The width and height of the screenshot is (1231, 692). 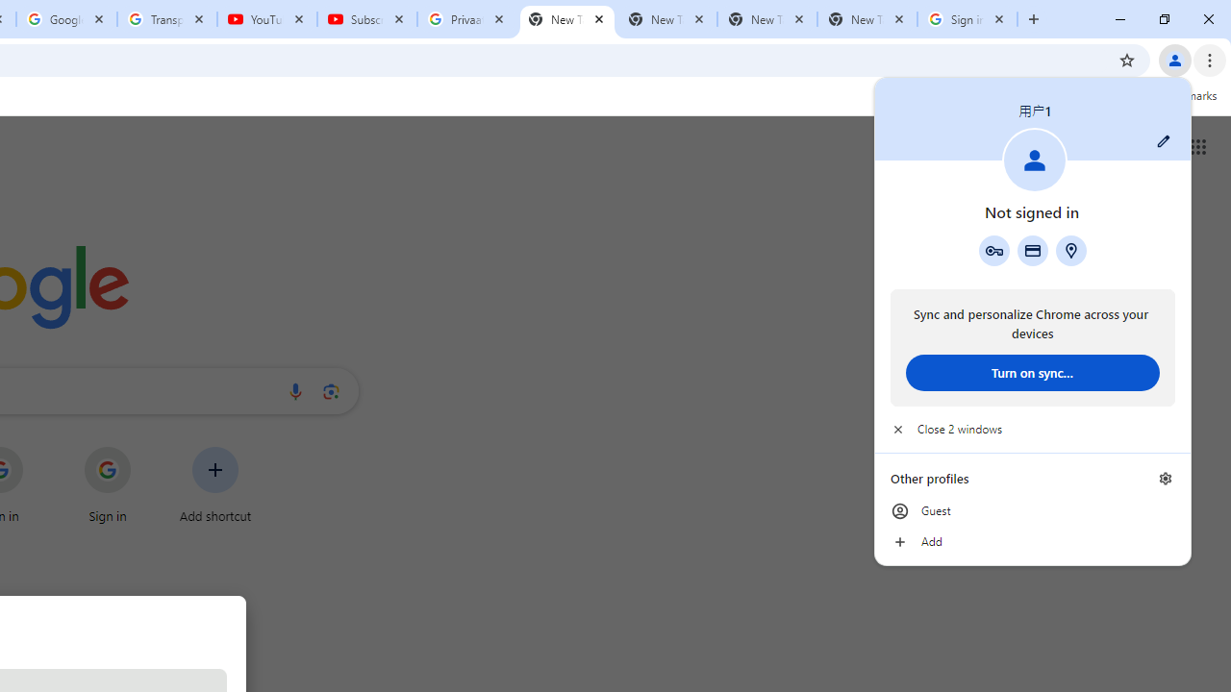 What do you see at coordinates (1032, 250) in the screenshot?
I see `'Payment methods'` at bounding box center [1032, 250].